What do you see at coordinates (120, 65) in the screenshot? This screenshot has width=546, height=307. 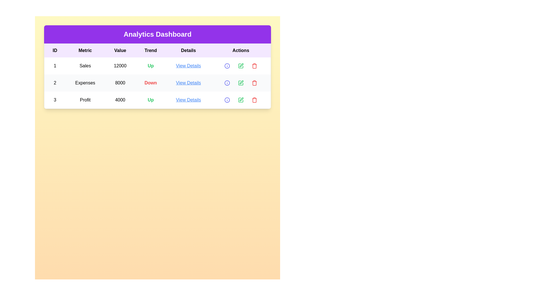 I see `the static text element displaying the value '12,000' associated with the 'Sales' metric in the 'Value' column of the 'Analytics Dashboard' table` at bounding box center [120, 65].